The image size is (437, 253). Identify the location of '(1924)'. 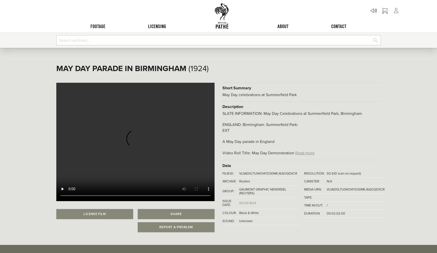
(198, 68).